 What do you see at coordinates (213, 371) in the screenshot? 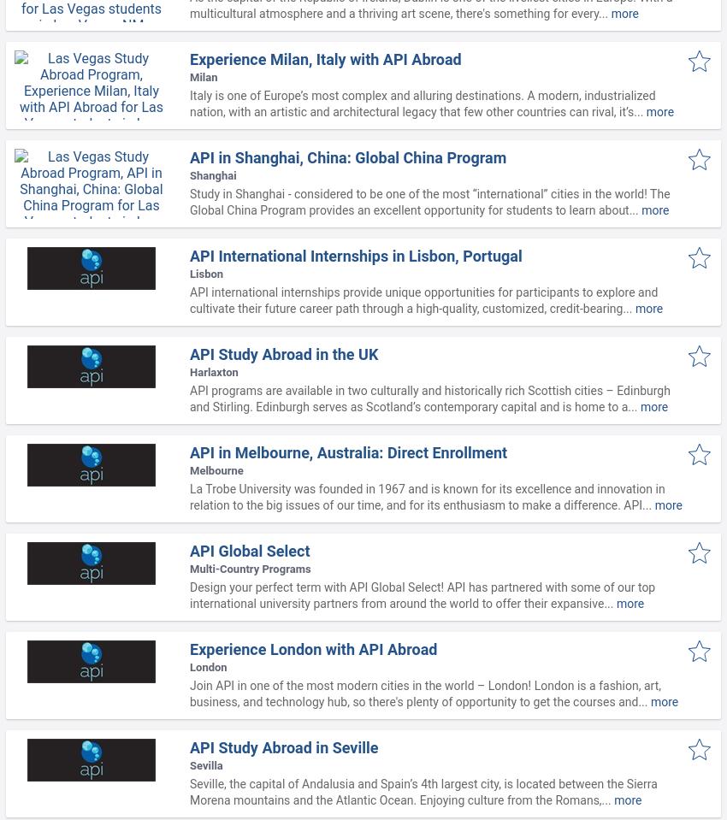
I see `'Harlaxton'` at bounding box center [213, 371].